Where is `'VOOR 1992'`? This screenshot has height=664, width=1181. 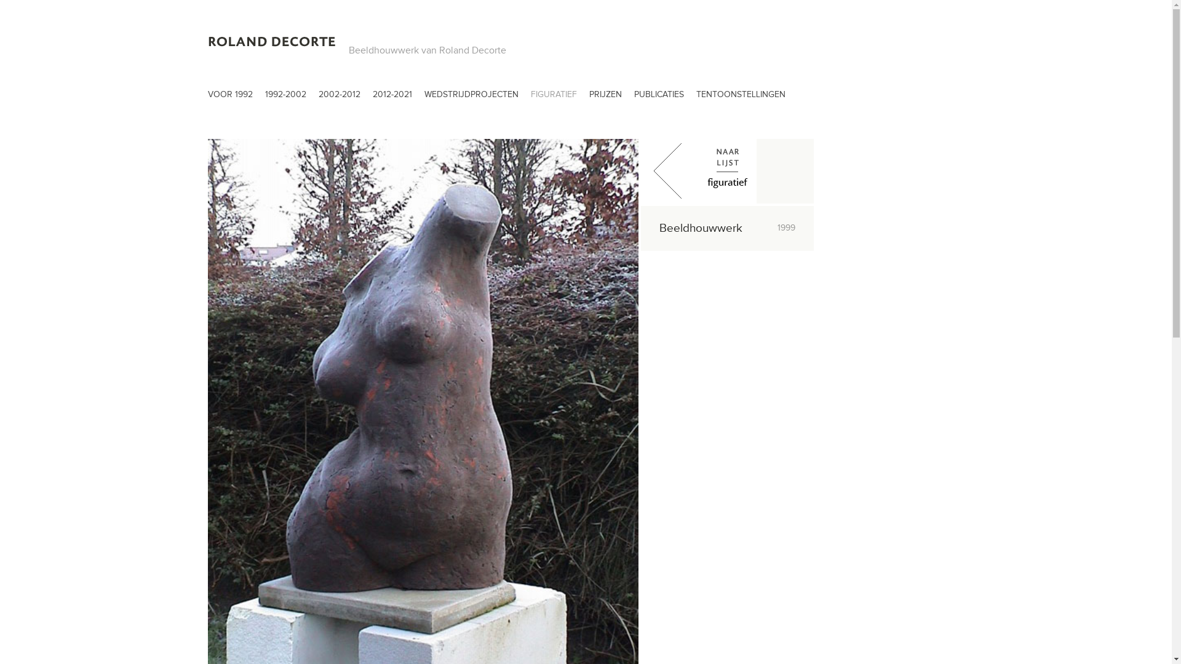 'VOOR 1992' is located at coordinates (230, 97).